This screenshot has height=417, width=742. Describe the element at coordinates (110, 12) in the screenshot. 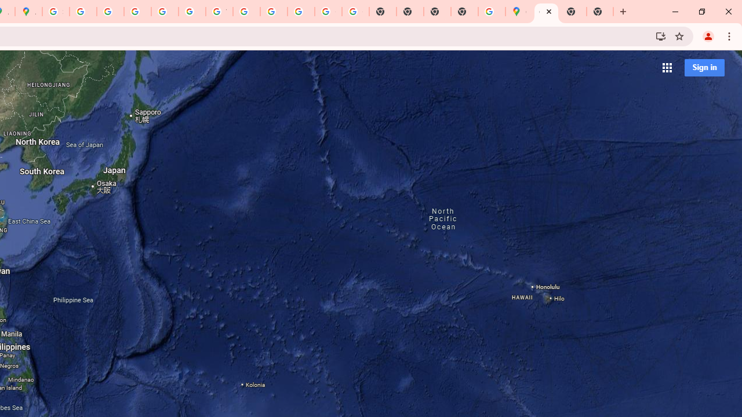

I see `'Privacy Help Center - Policies Help'` at that location.